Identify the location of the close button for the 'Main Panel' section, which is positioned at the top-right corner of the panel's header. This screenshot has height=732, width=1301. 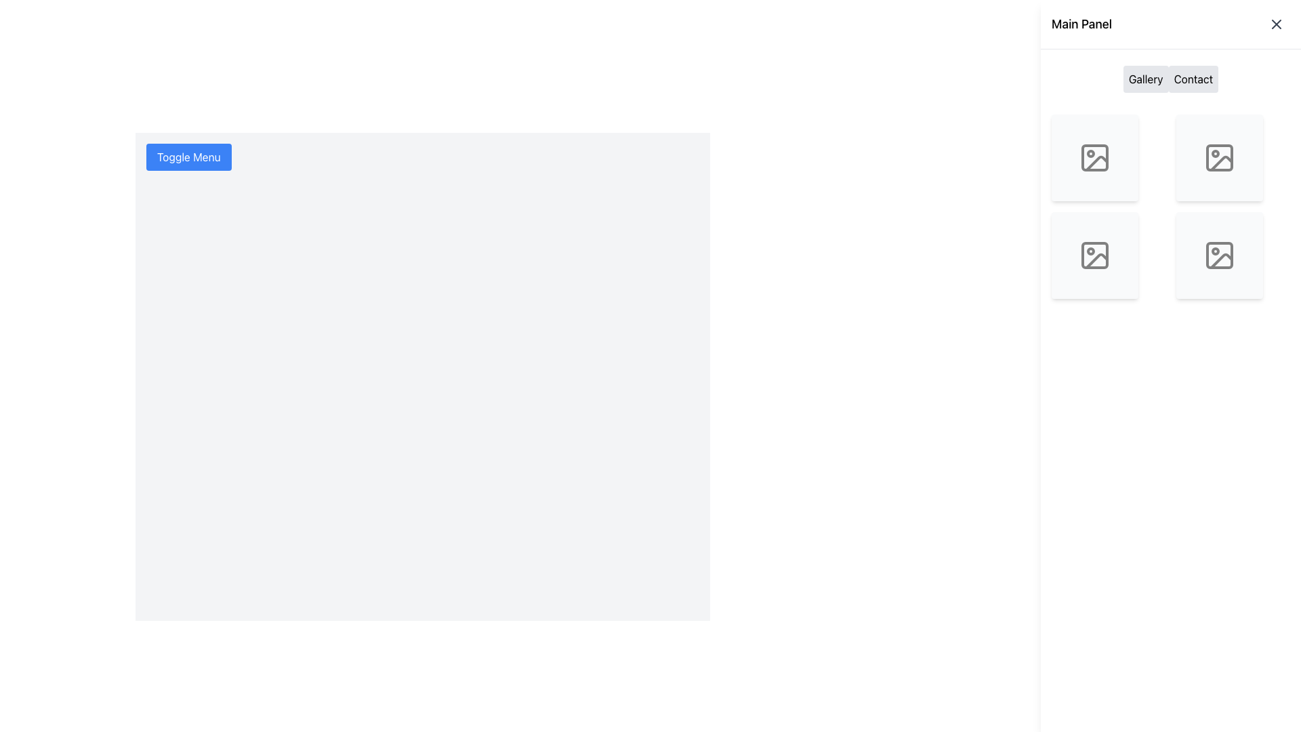
(1275, 24).